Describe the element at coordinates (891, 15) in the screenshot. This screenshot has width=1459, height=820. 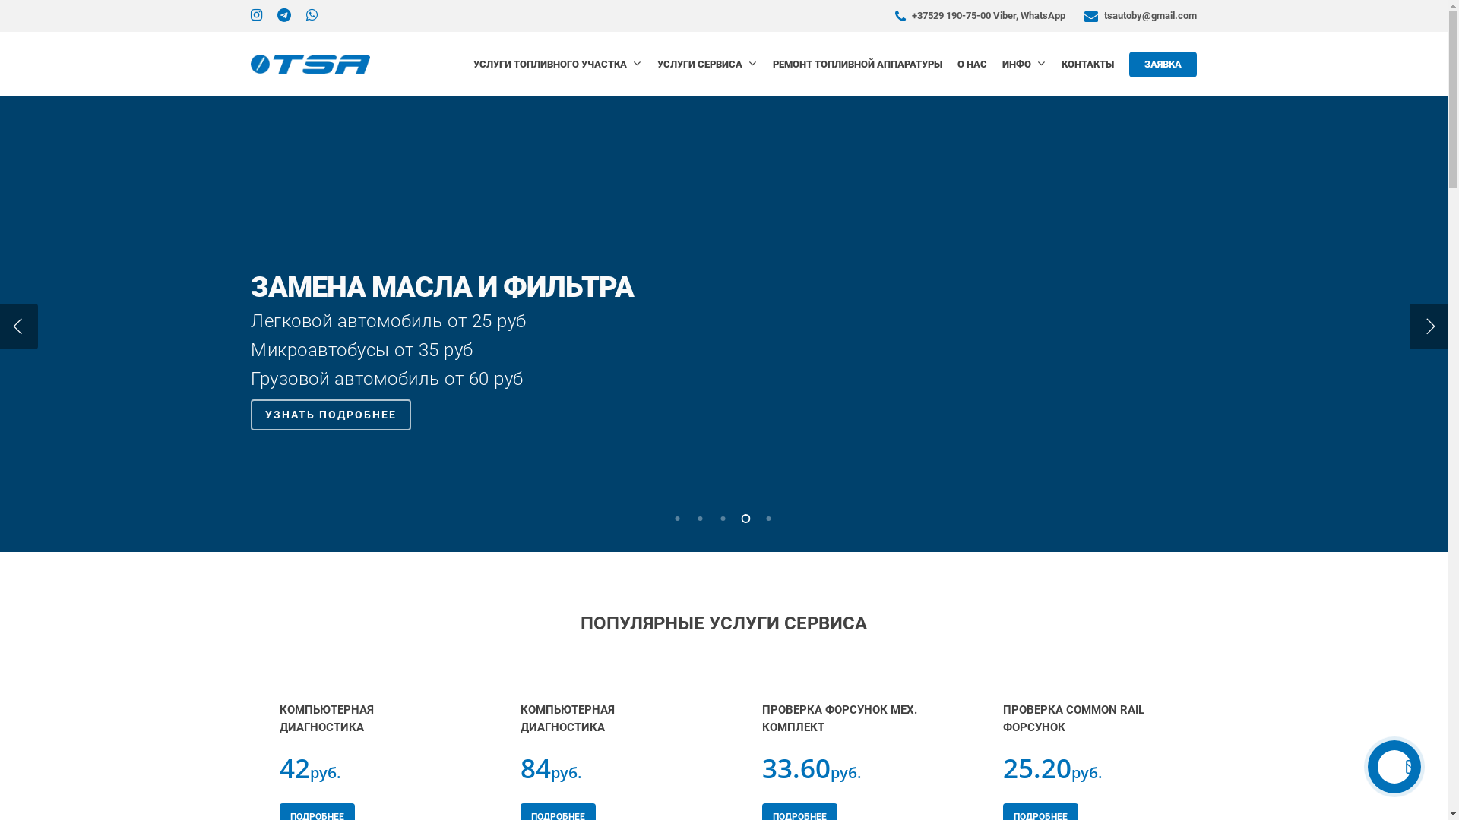
I see `'+37529 190-75-00 Viber, WhatsApp'` at that location.